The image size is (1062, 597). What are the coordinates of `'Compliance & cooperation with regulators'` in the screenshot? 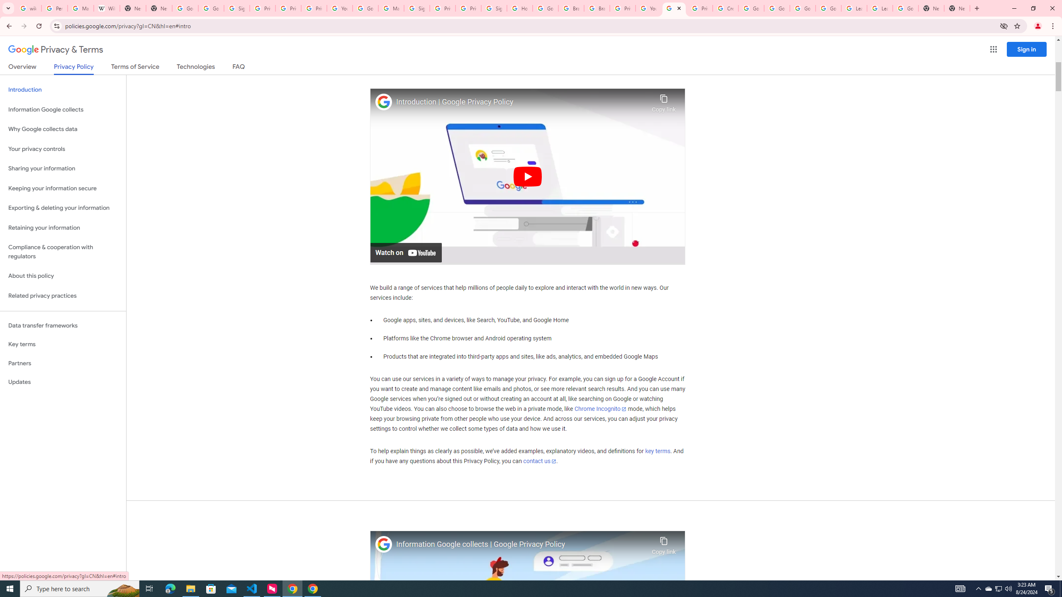 It's located at (63, 252).